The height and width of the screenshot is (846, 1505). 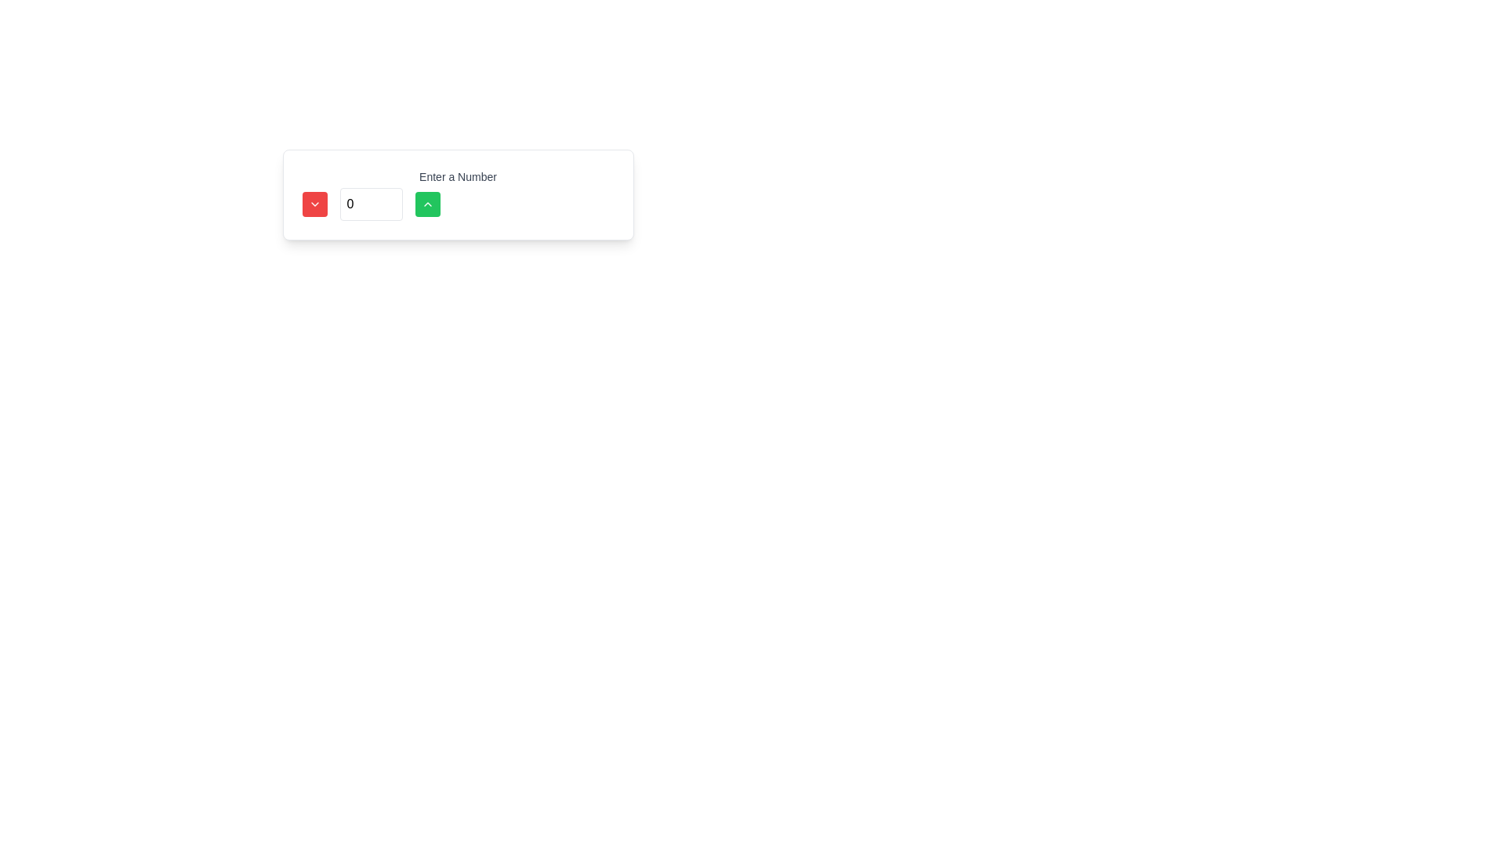 What do you see at coordinates (427, 204) in the screenshot?
I see `the upward-pointing chevron icon embedded in a green button, which is located on the right-hand side of the horizontal control panel` at bounding box center [427, 204].